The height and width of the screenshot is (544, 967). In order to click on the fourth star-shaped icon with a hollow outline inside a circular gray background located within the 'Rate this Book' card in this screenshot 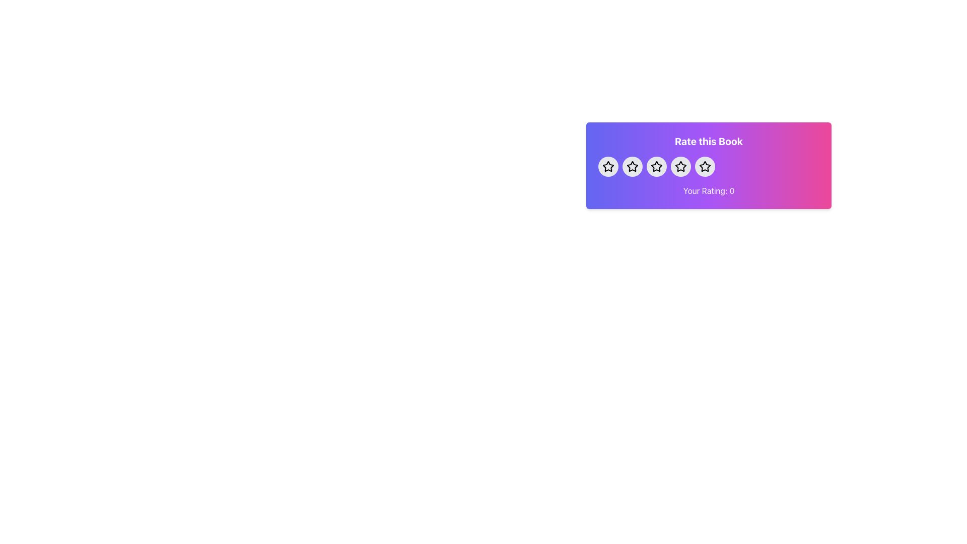, I will do `click(681, 166)`.